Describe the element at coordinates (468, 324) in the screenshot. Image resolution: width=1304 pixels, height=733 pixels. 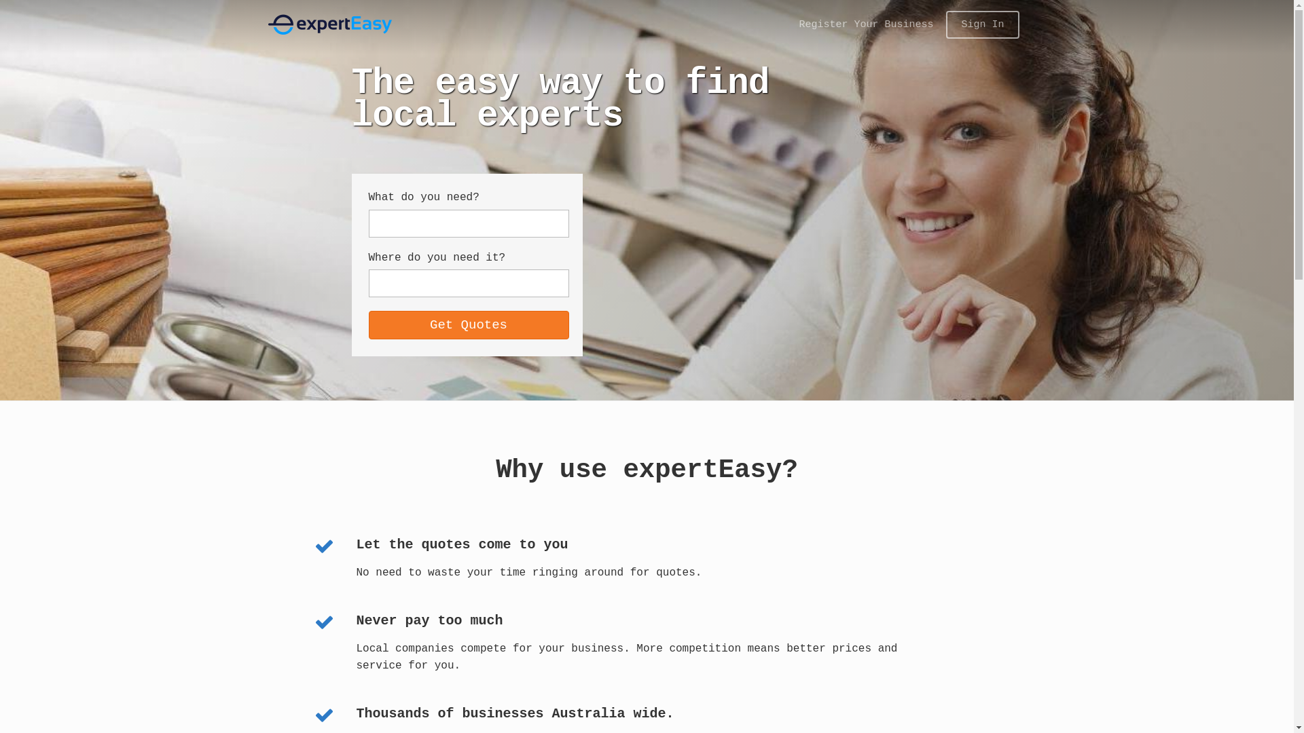
I see `'Get Quotes'` at that location.